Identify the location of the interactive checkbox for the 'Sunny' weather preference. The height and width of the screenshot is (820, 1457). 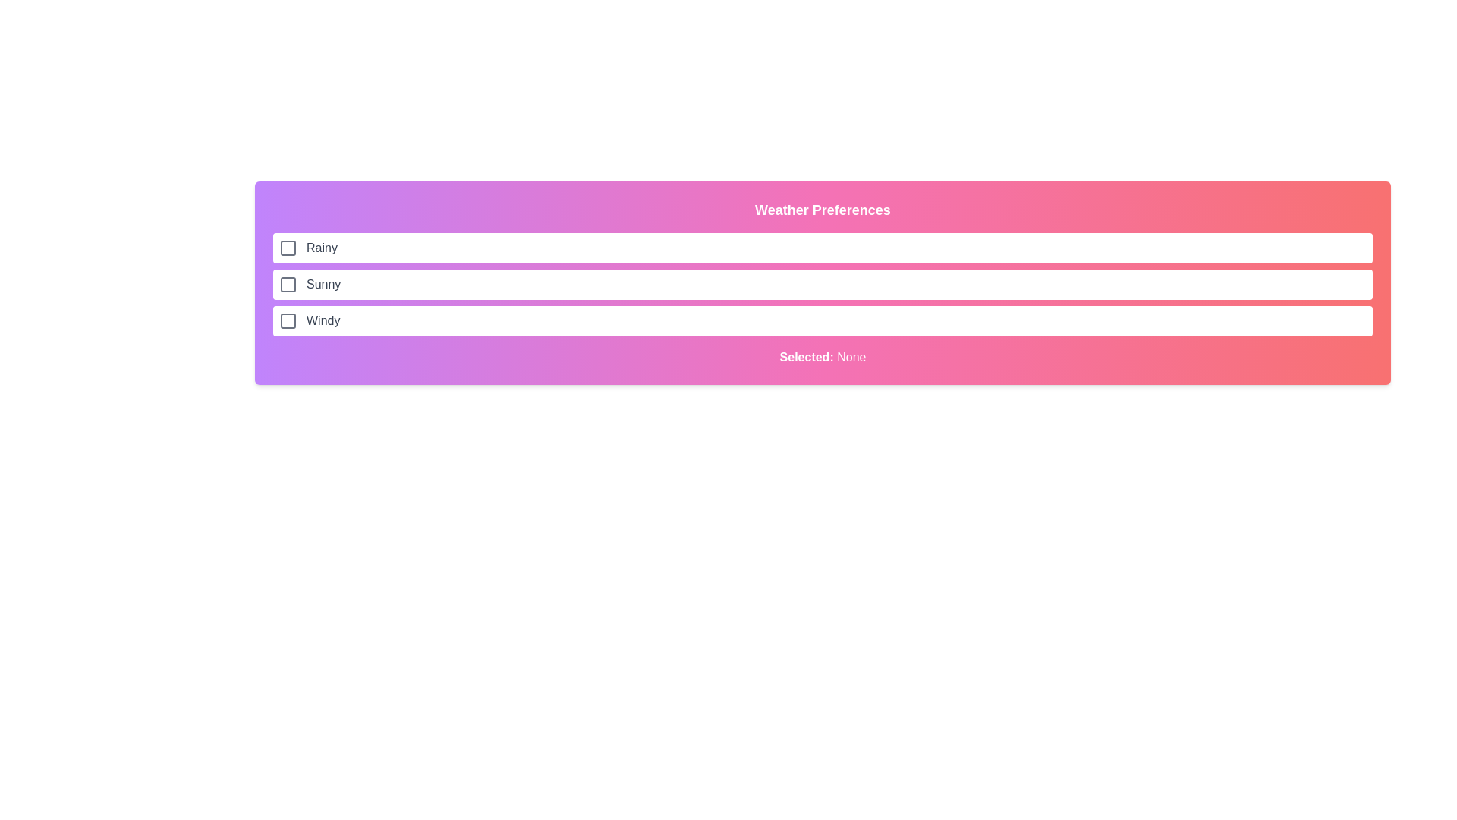
(288, 284).